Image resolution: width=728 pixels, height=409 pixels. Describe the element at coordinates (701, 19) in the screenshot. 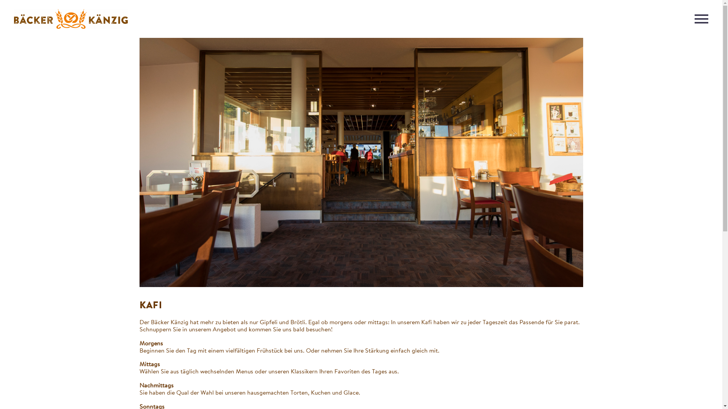

I see `'Primary Menu'` at that location.